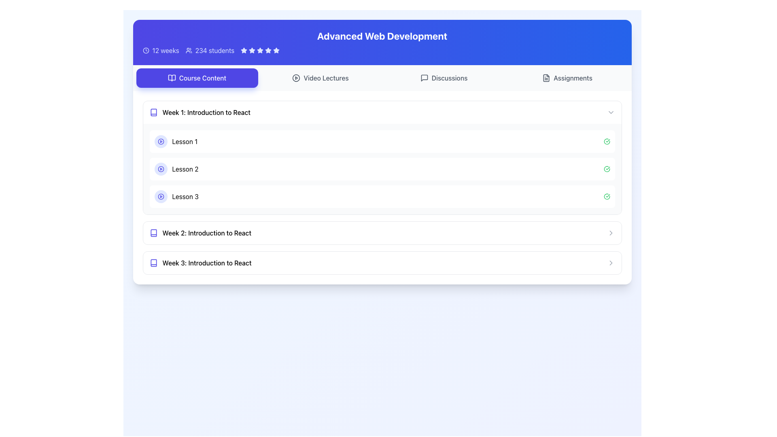 Image resolution: width=777 pixels, height=437 pixels. What do you see at coordinates (176, 197) in the screenshot?
I see `the icon of the List item representing 'Lesson 3' under the 'Week 1' section to play the associated media` at bounding box center [176, 197].